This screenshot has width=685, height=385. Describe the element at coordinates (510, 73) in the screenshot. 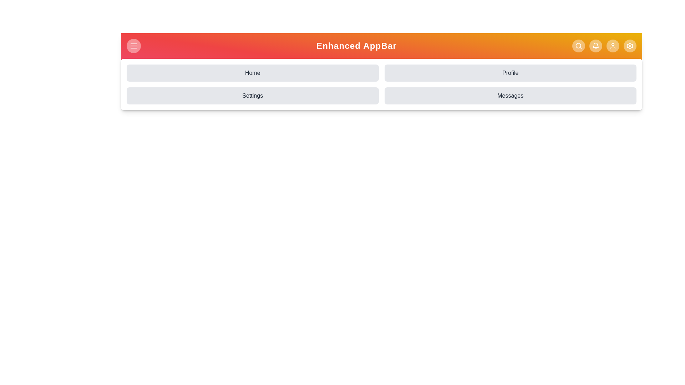

I see `the menu option Profile` at that location.